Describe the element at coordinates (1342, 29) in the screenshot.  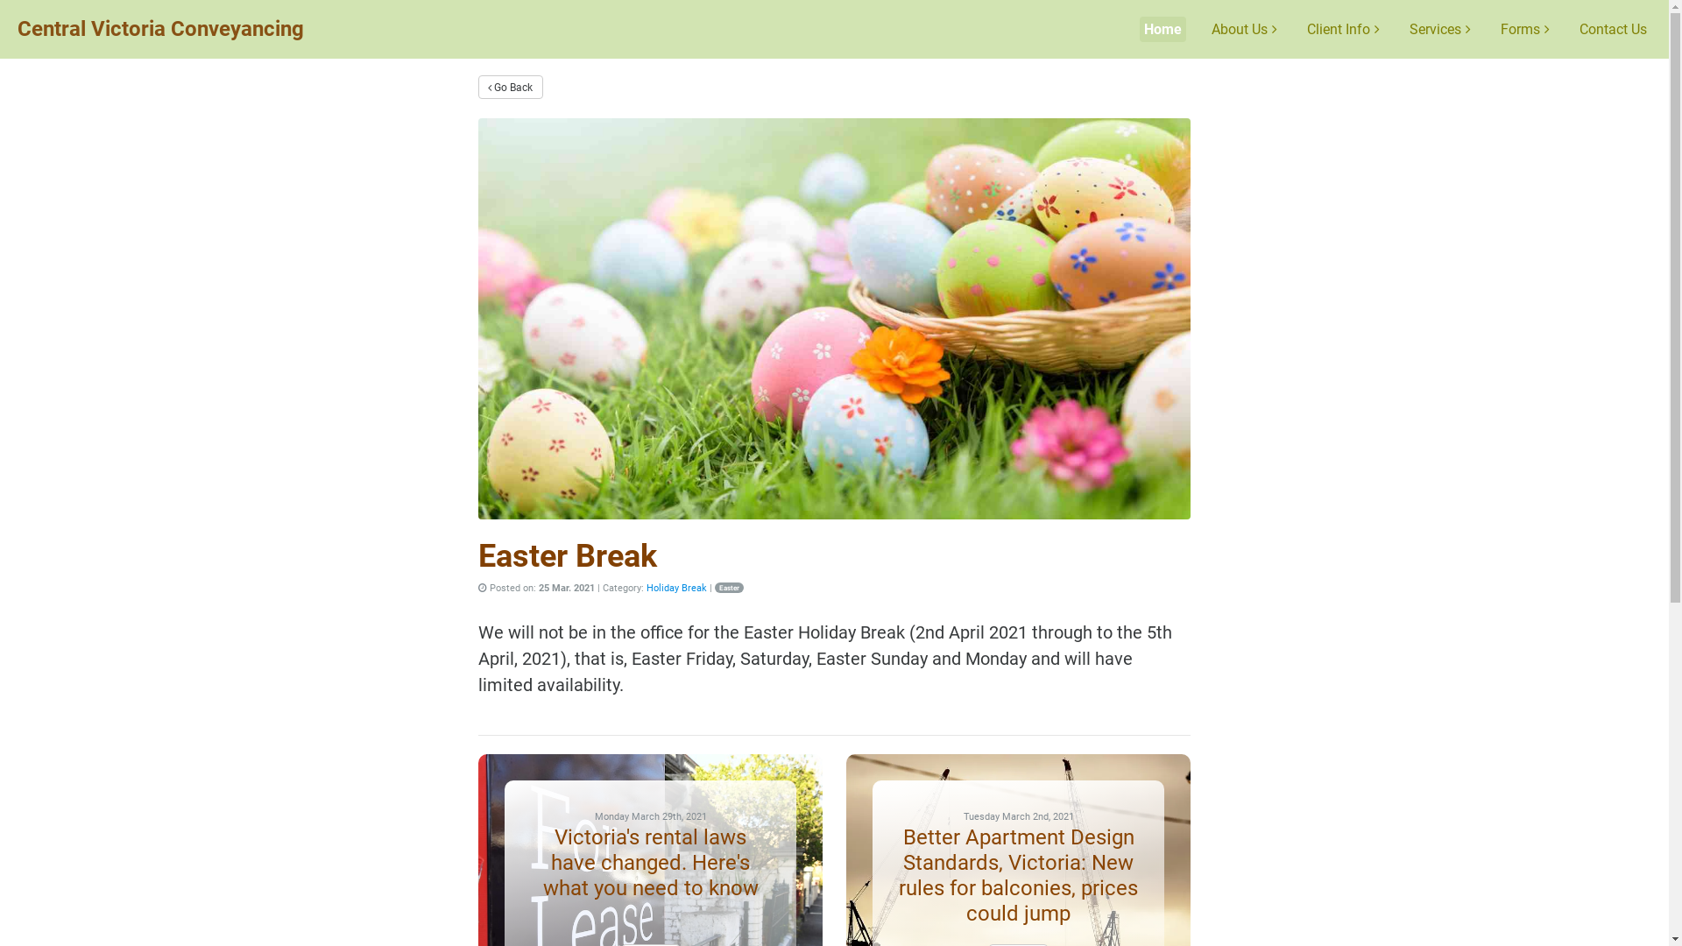
I see `'Client Info'` at that location.